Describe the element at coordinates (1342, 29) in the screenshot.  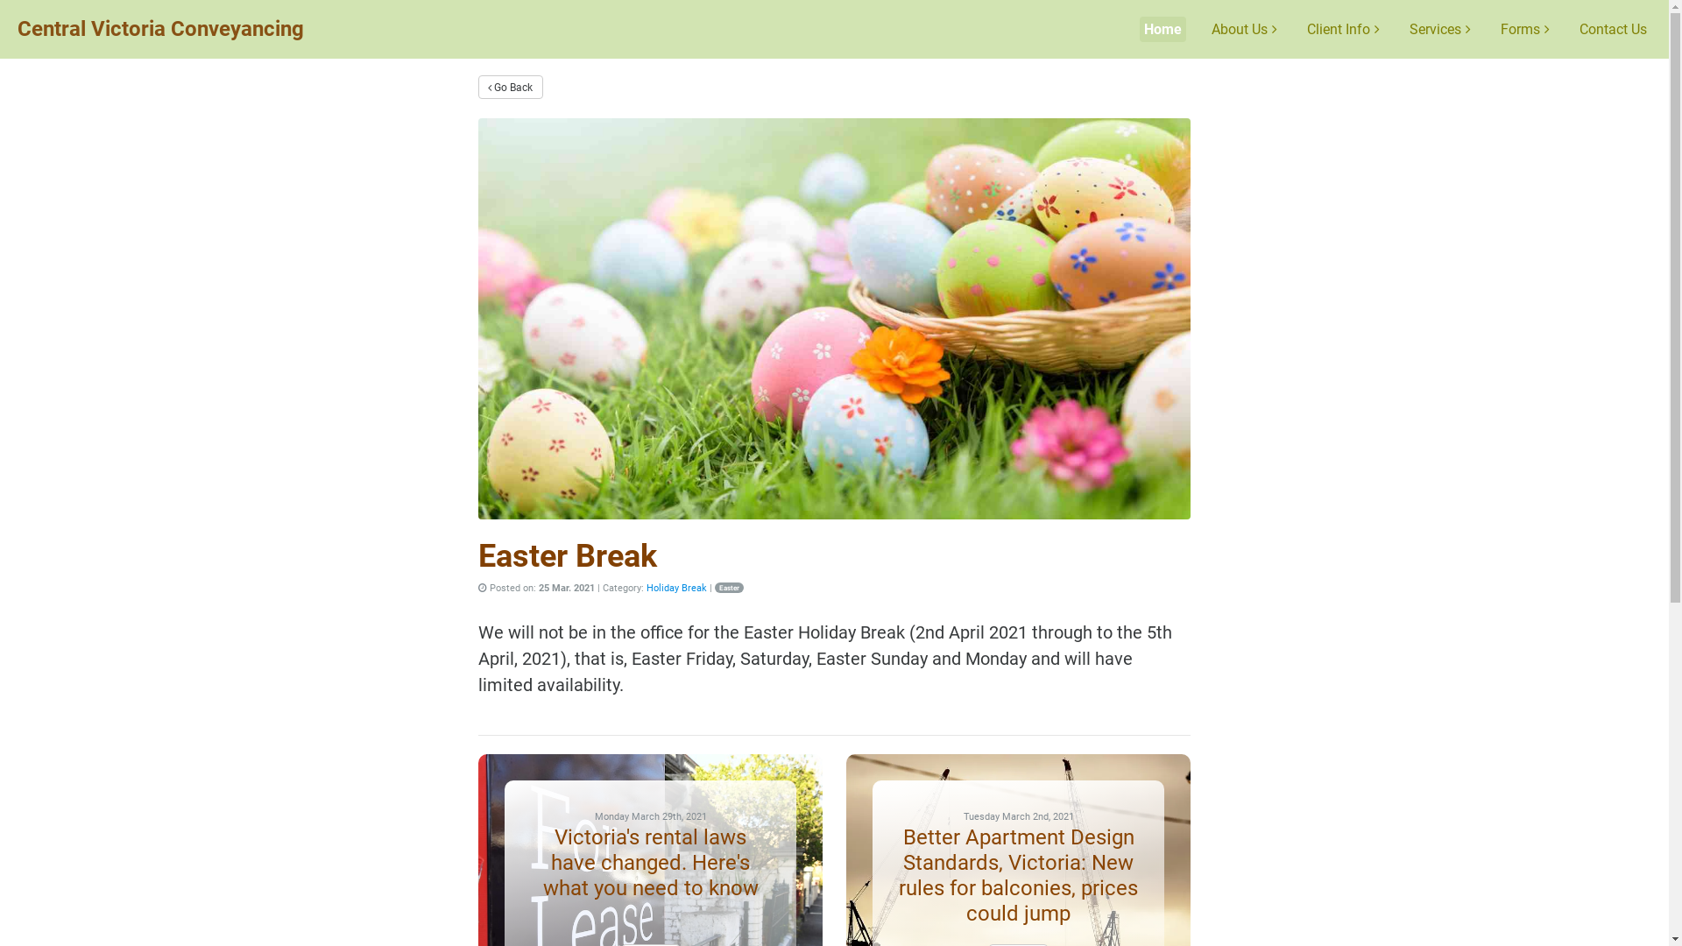
I see `'Client Info'` at that location.